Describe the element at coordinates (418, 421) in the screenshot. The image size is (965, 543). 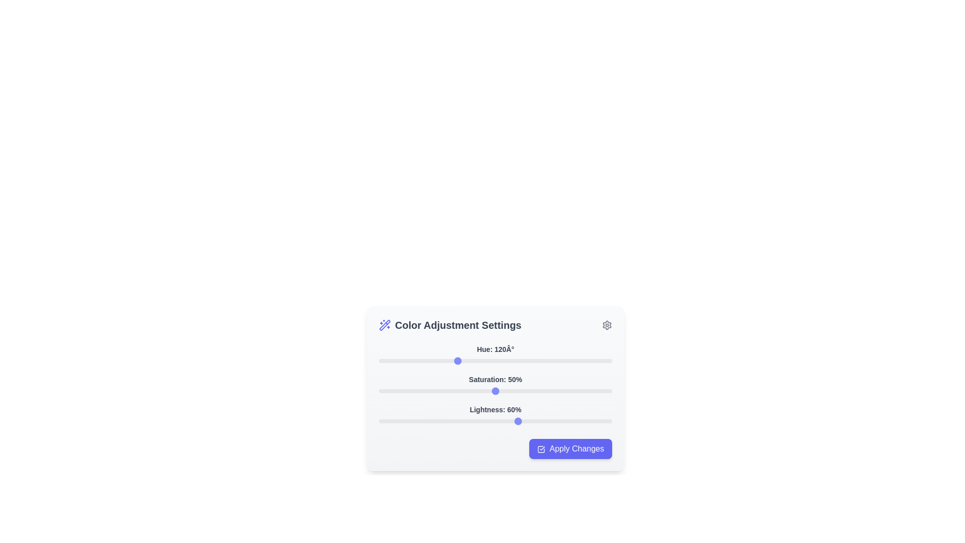
I see `the lightness` at that location.